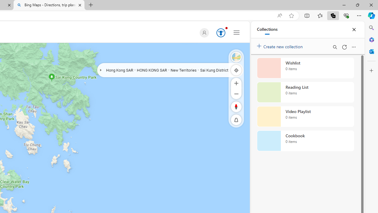 The height and width of the screenshot is (213, 378). What do you see at coordinates (305, 68) in the screenshot?
I see `'Wishlist collection, 0 items'` at bounding box center [305, 68].